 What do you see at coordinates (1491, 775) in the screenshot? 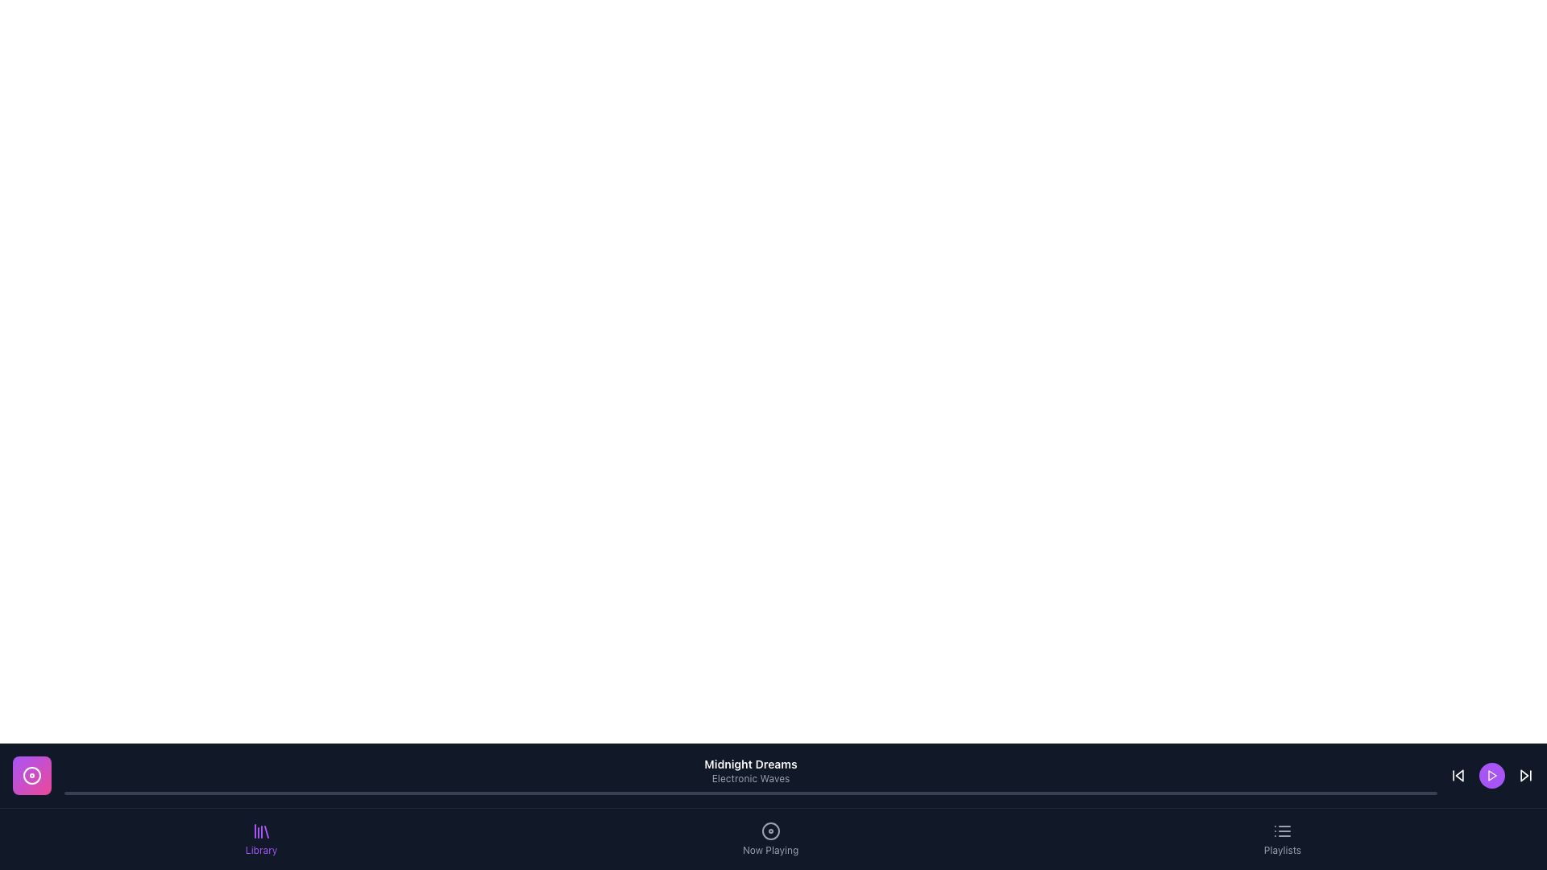
I see `the playback control button located at the bottom-right corner of the interface` at bounding box center [1491, 775].